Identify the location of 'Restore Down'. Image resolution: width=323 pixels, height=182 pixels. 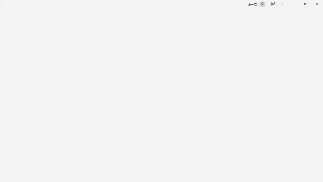
(305, 4).